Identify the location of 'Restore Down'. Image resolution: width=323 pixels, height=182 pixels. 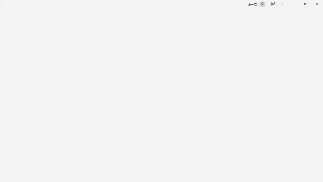
(305, 4).